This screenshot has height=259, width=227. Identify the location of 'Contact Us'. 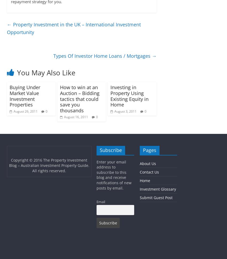
(149, 171).